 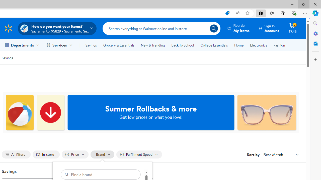 What do you see at coordinates (214, 45) in the screenshot?
I see `'College Essentials'` at bounding box center [214, 45].